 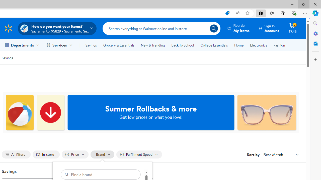 What do you see at coordinates (214, 45) in the screenshot?
I see `'College Essentials'` at bounding box center [214, 45].